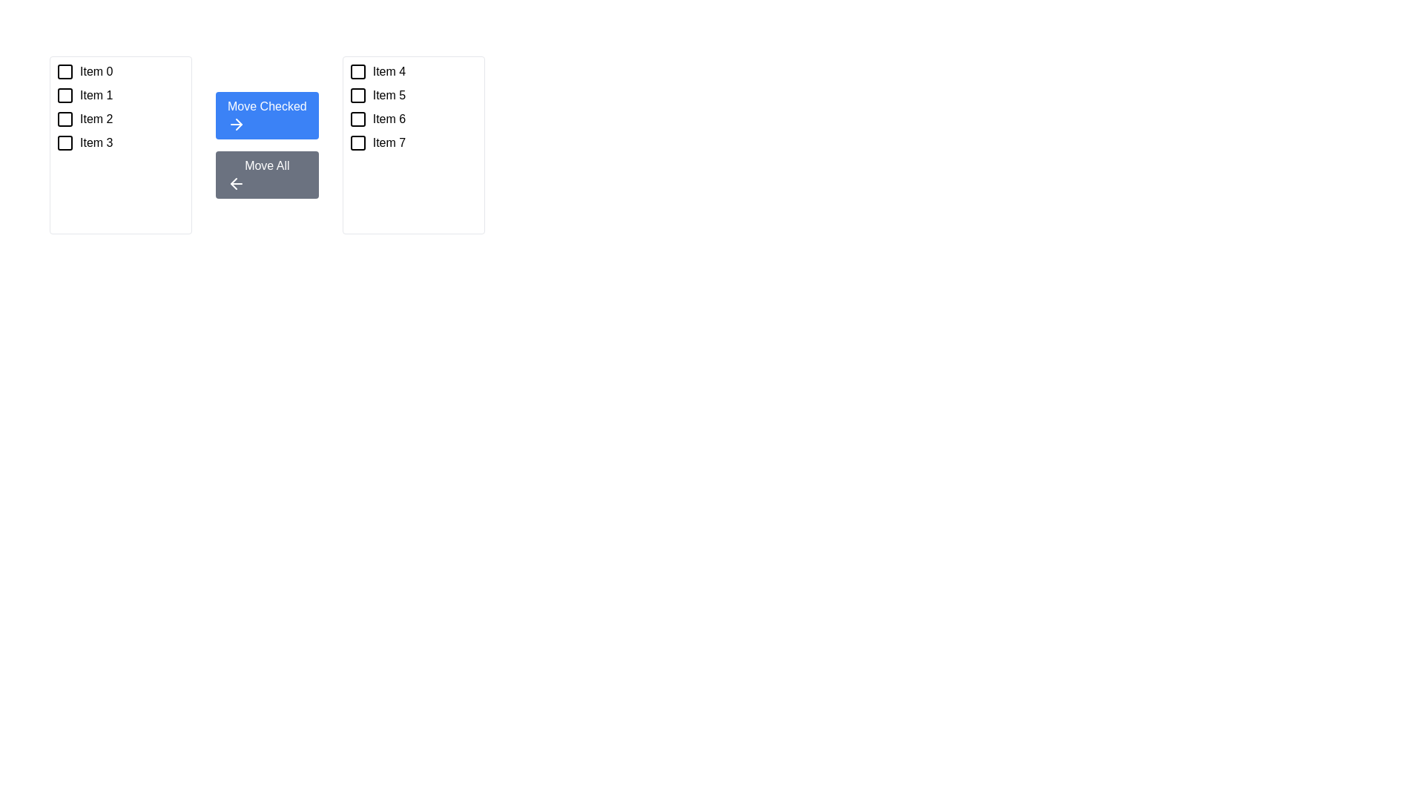  I want to click on the text label associated with the interactive checkbox located in the left panel, which describes the checkbox and is the first item in a vertical list, so click(96, 71).